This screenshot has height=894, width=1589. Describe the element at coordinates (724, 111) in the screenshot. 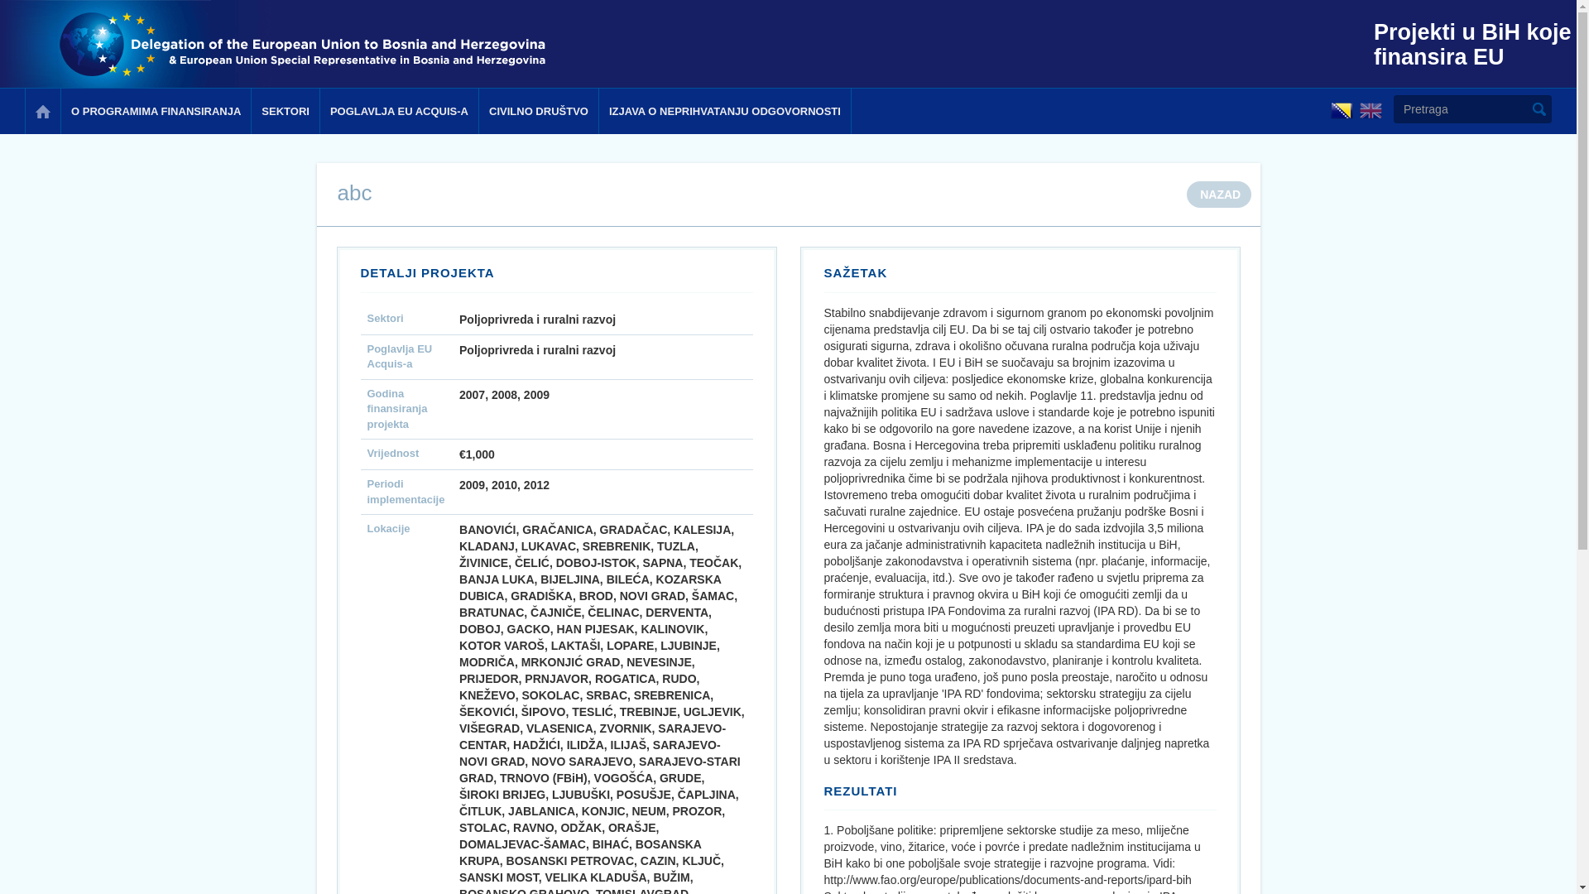

I see `'IZJAVA O NEPRIHVATANJU ODGOVORNOSTI'` at that location.